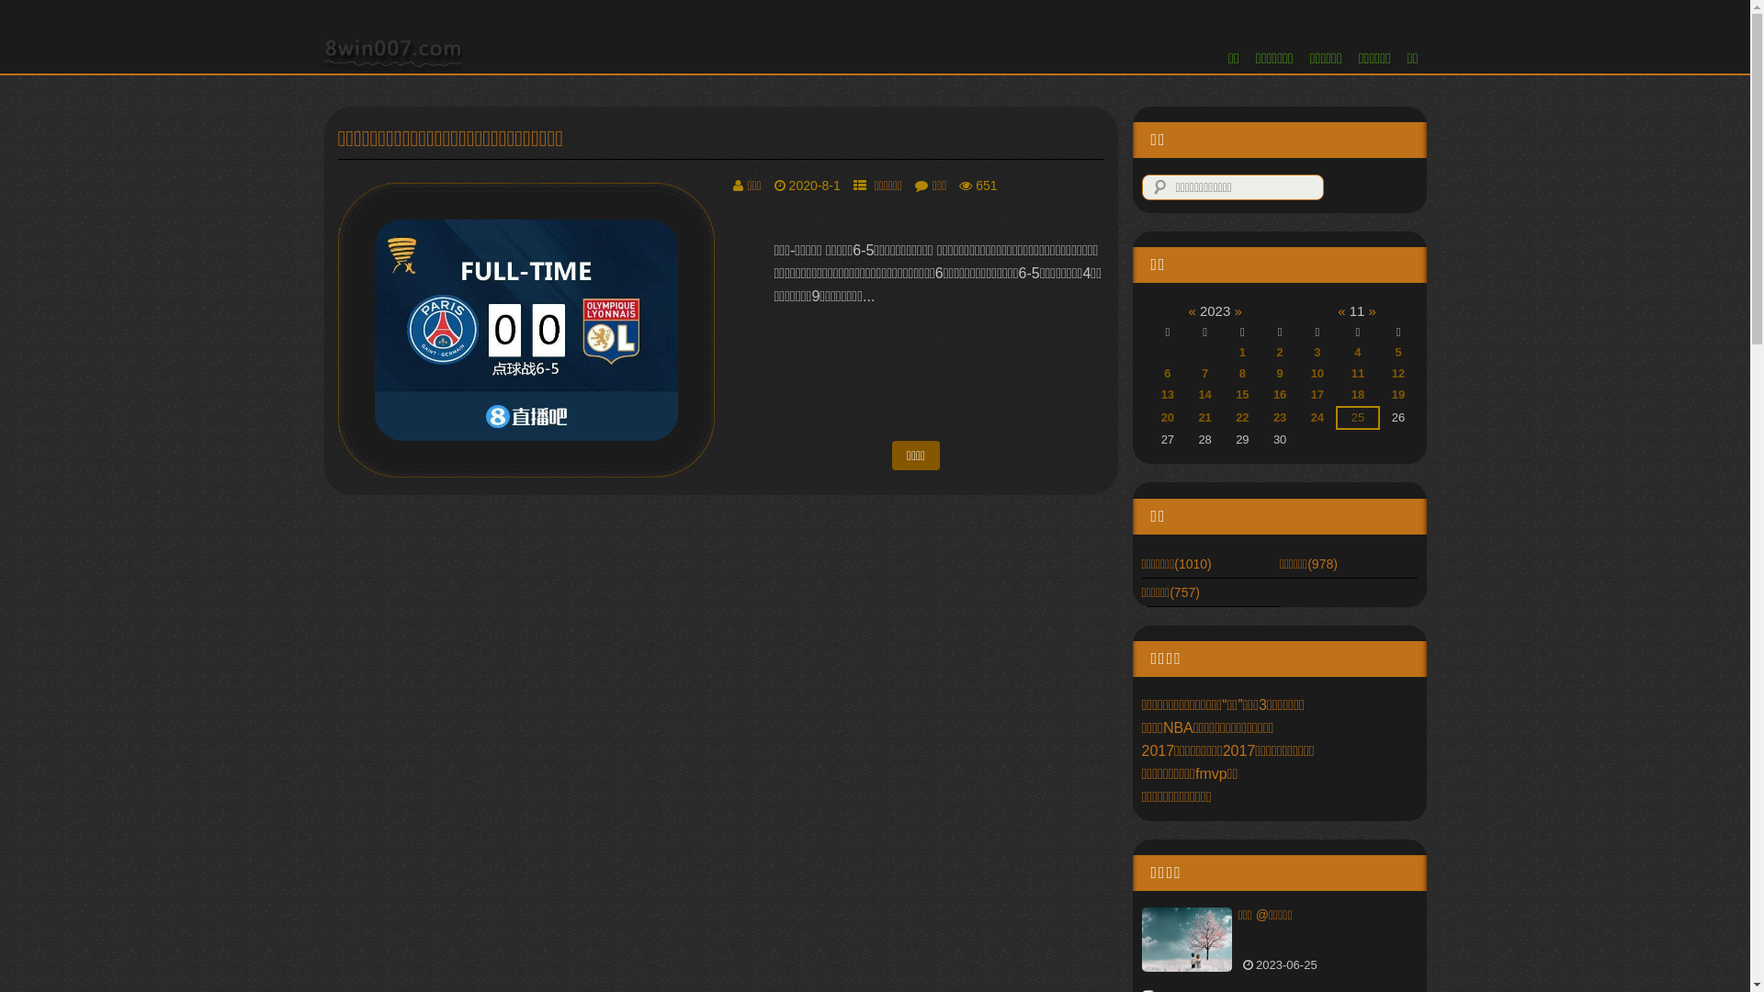 The height and width of the screenshot is (992, 1764). Describe the element at coordinates (1279, 352) in the screenshot. I see `'2'` at that location.